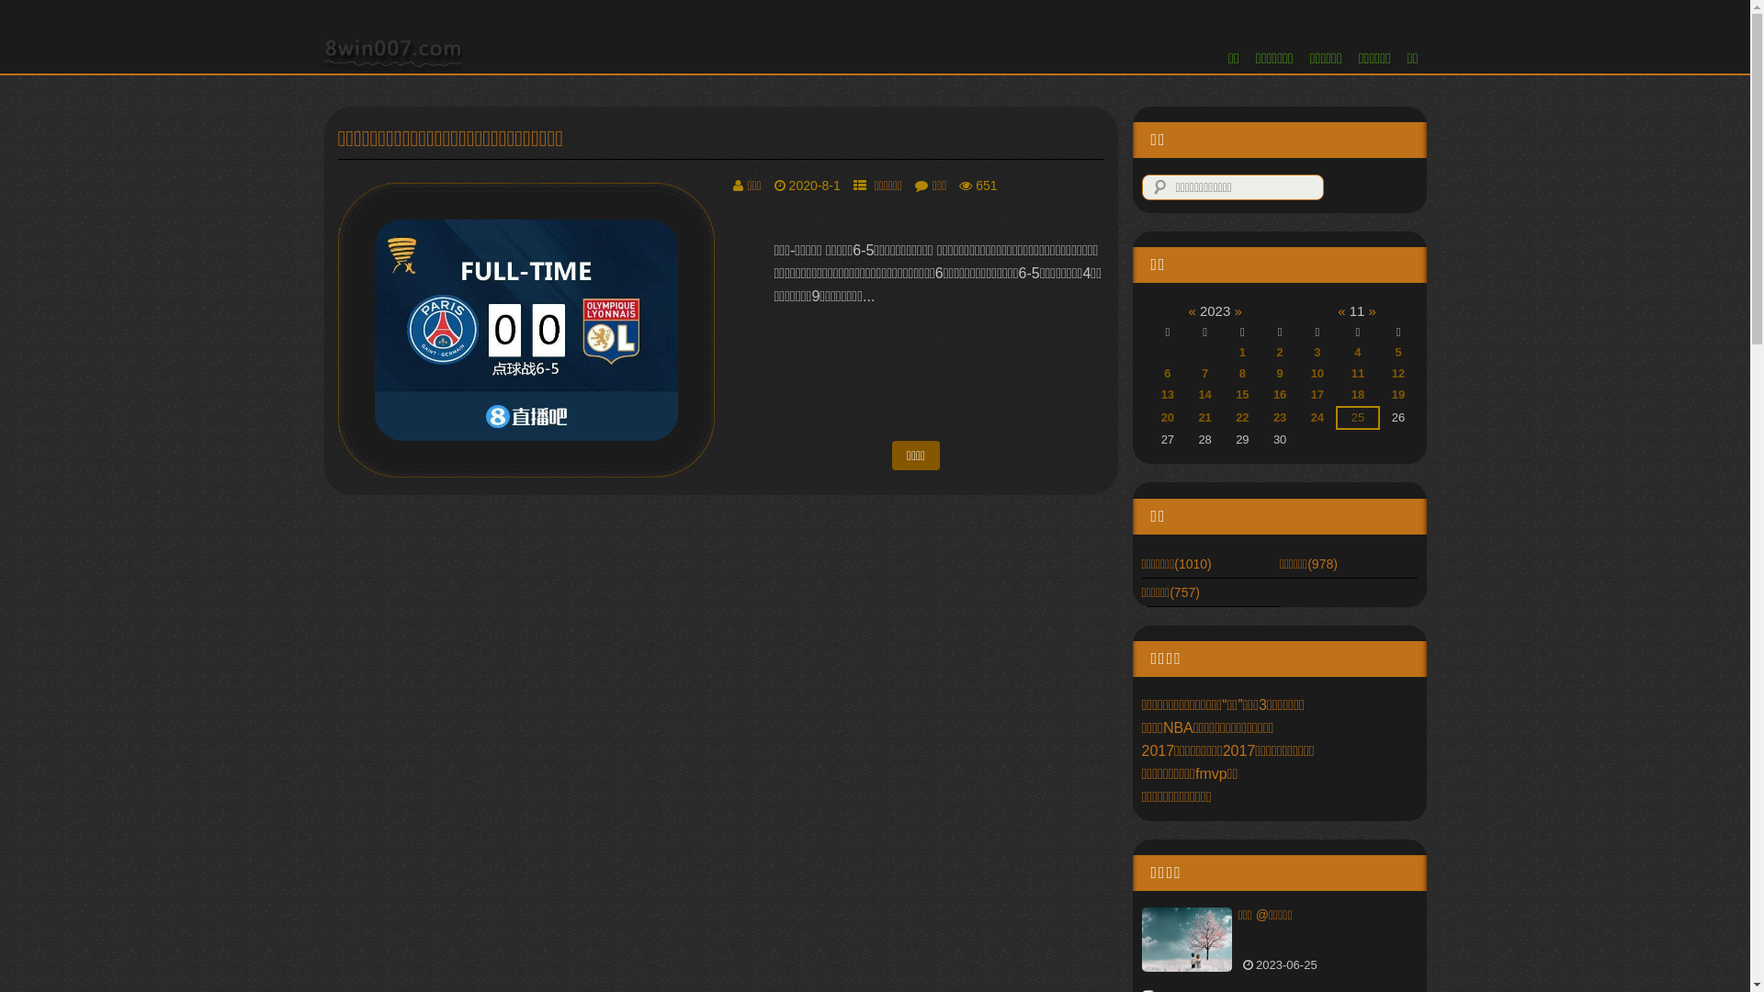 The height and width of the screenshot is (992, 1764). Describe the element at coordinates (1279, 352) in the screenshot. I see `'2'` at that location.